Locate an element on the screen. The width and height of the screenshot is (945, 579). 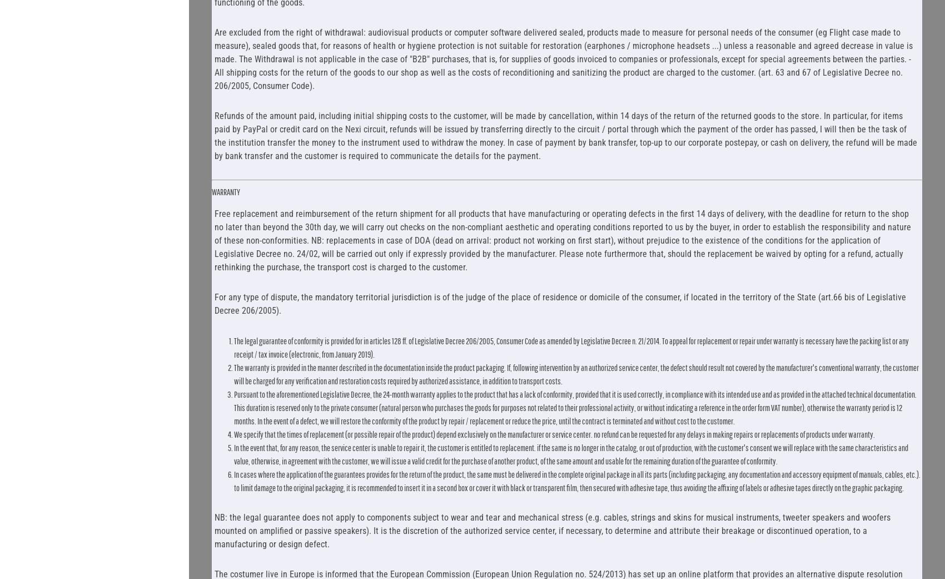
'WARRANTY' is located at coordinates (210, 191).